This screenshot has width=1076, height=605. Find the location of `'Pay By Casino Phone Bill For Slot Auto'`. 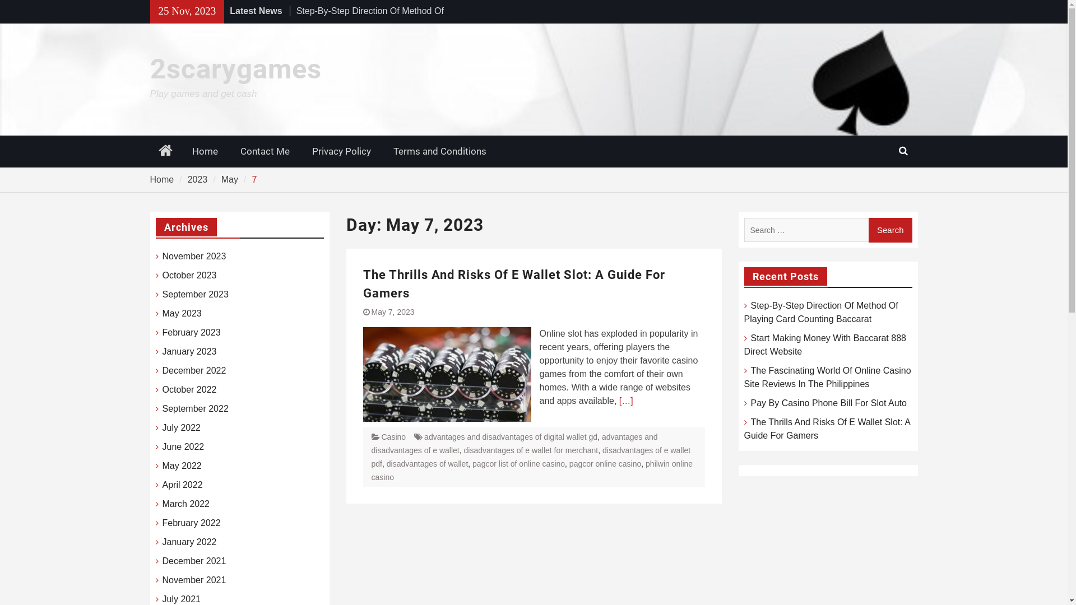

'Pay By Casino Phone Bill For Slot Auto' is located at coordinates (828, 402).